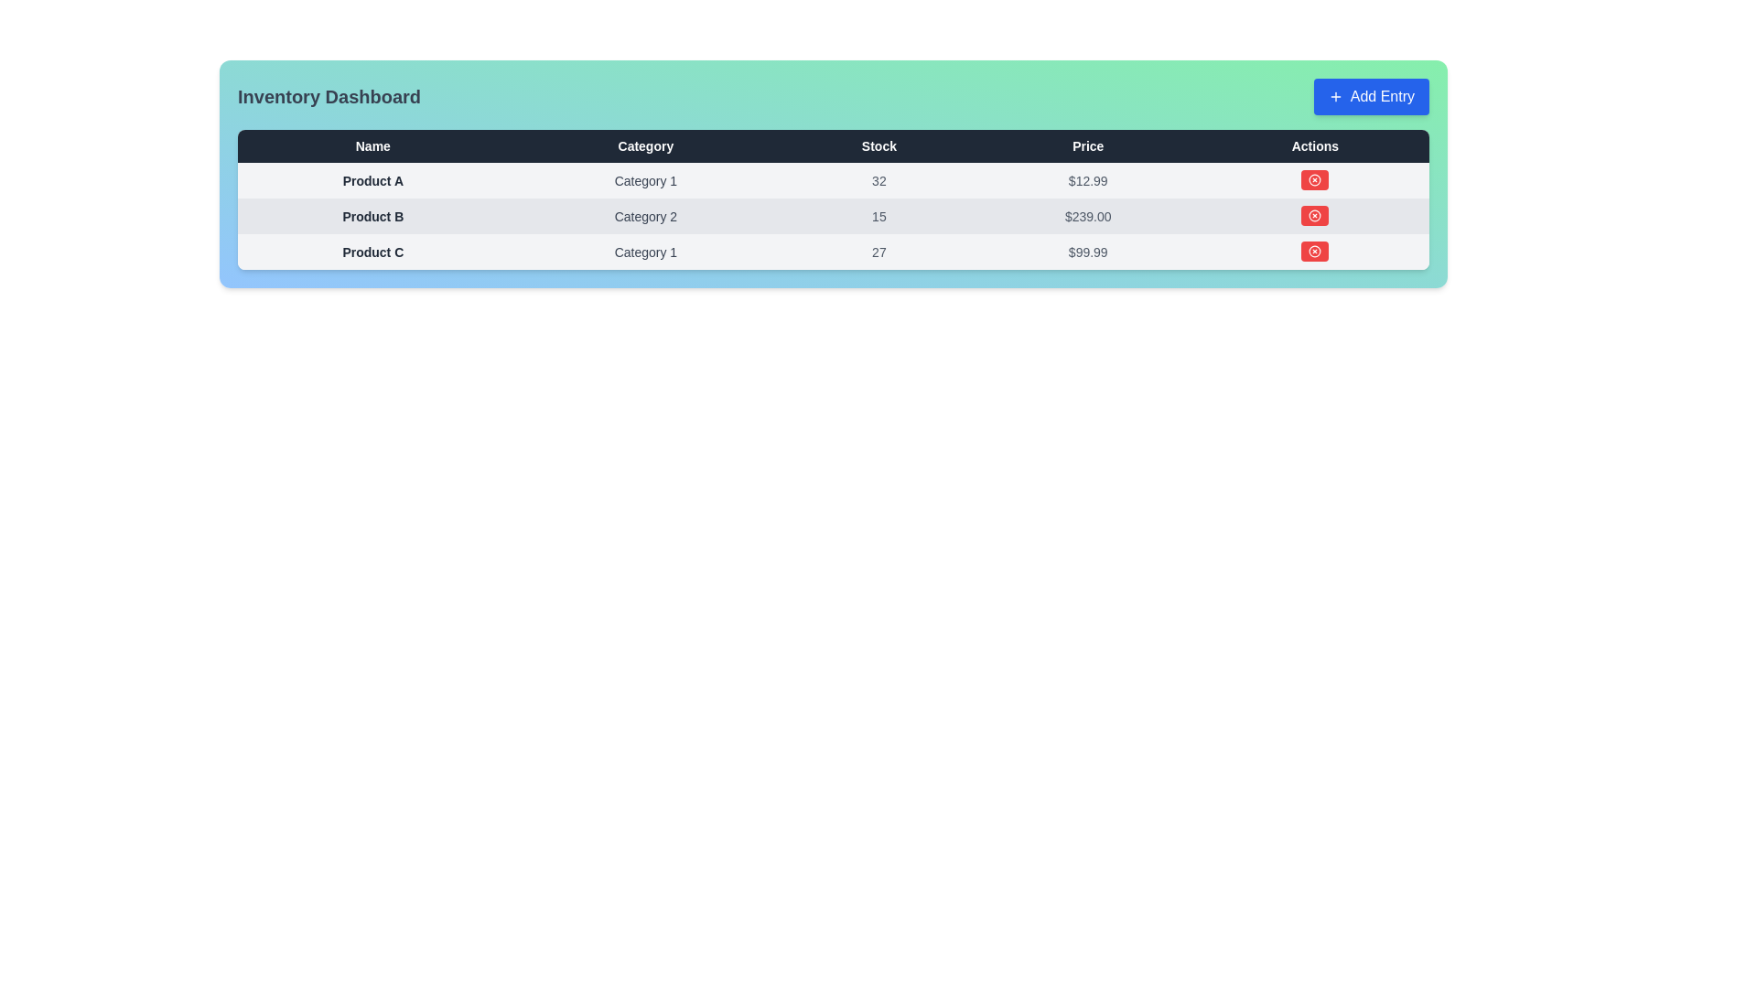 The width and height of the screenshot is (1757, 988). Describe the element at coordinates (1314, 214) in the screenshot. I see `the SVG icon for the delete action located within the 'Actions' column of the inventory table for 'Product B'` at that location.